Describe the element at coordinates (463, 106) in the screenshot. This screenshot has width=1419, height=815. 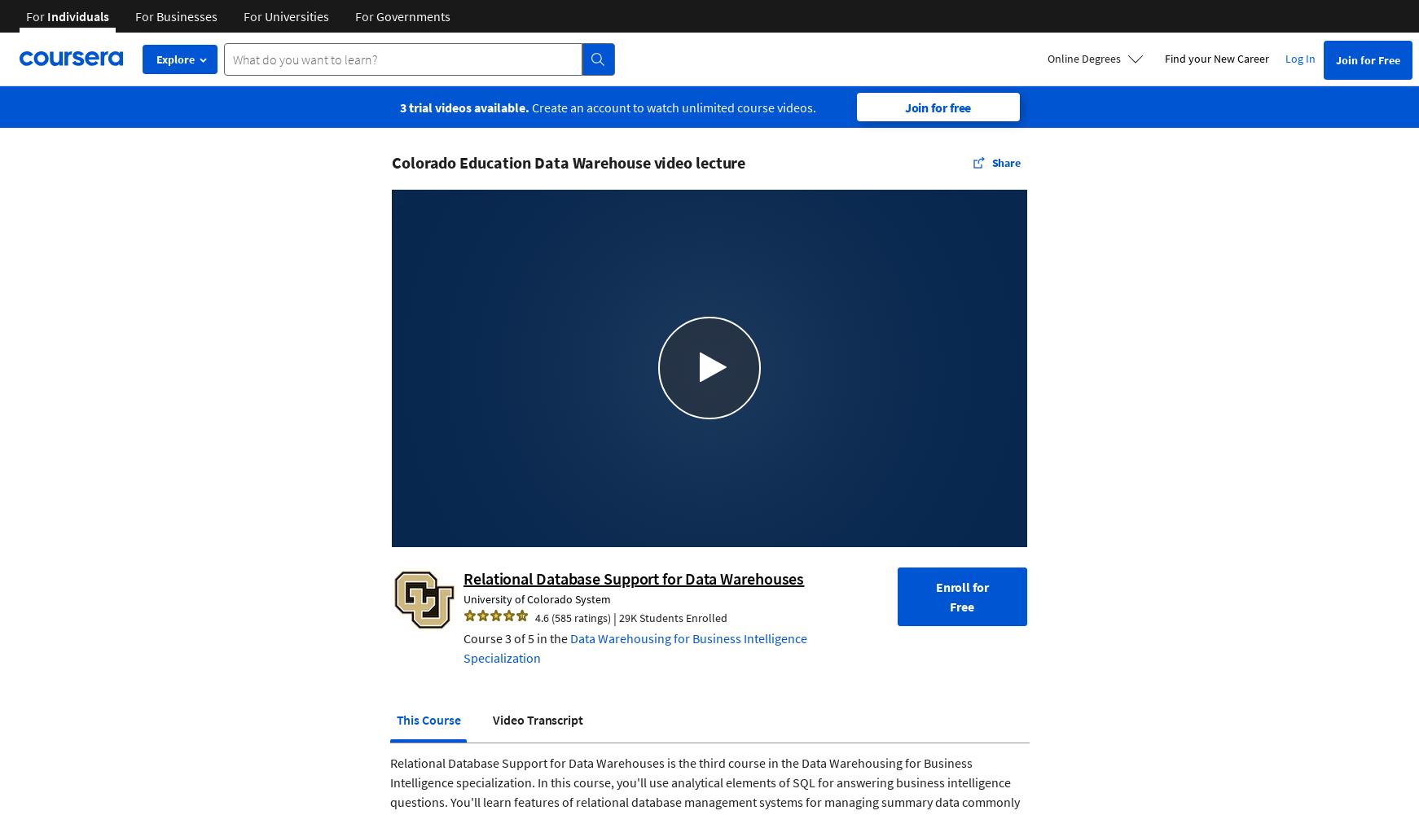
I see `'3 trial videos available.'` at that location.